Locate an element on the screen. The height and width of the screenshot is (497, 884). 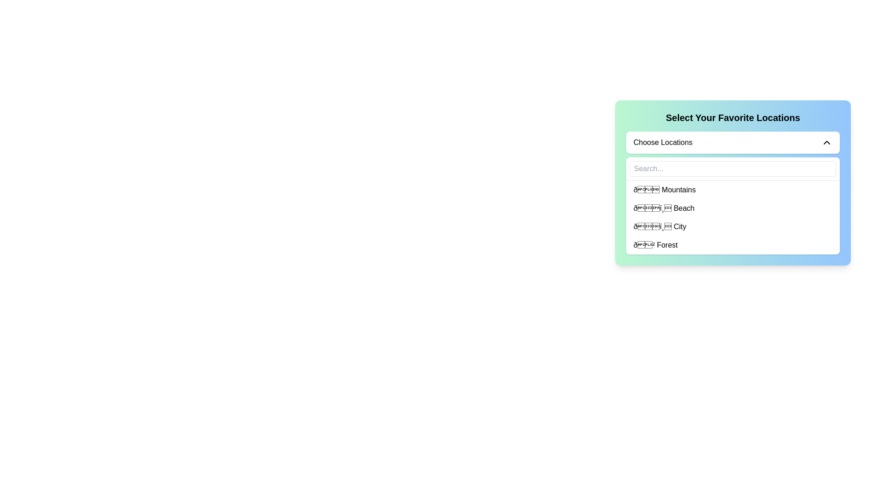
the 'City' text label in the dropdown menu, which is the third option in a vertical list of four is located at coordinates (659, 227).